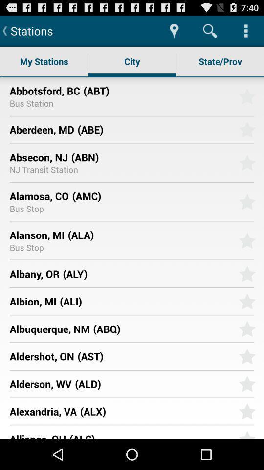 The height and width of the screenshot is (470, 264). Describe the element at coordinates (154, 129) in the screenshot. I see `the (abe) item` at that location.